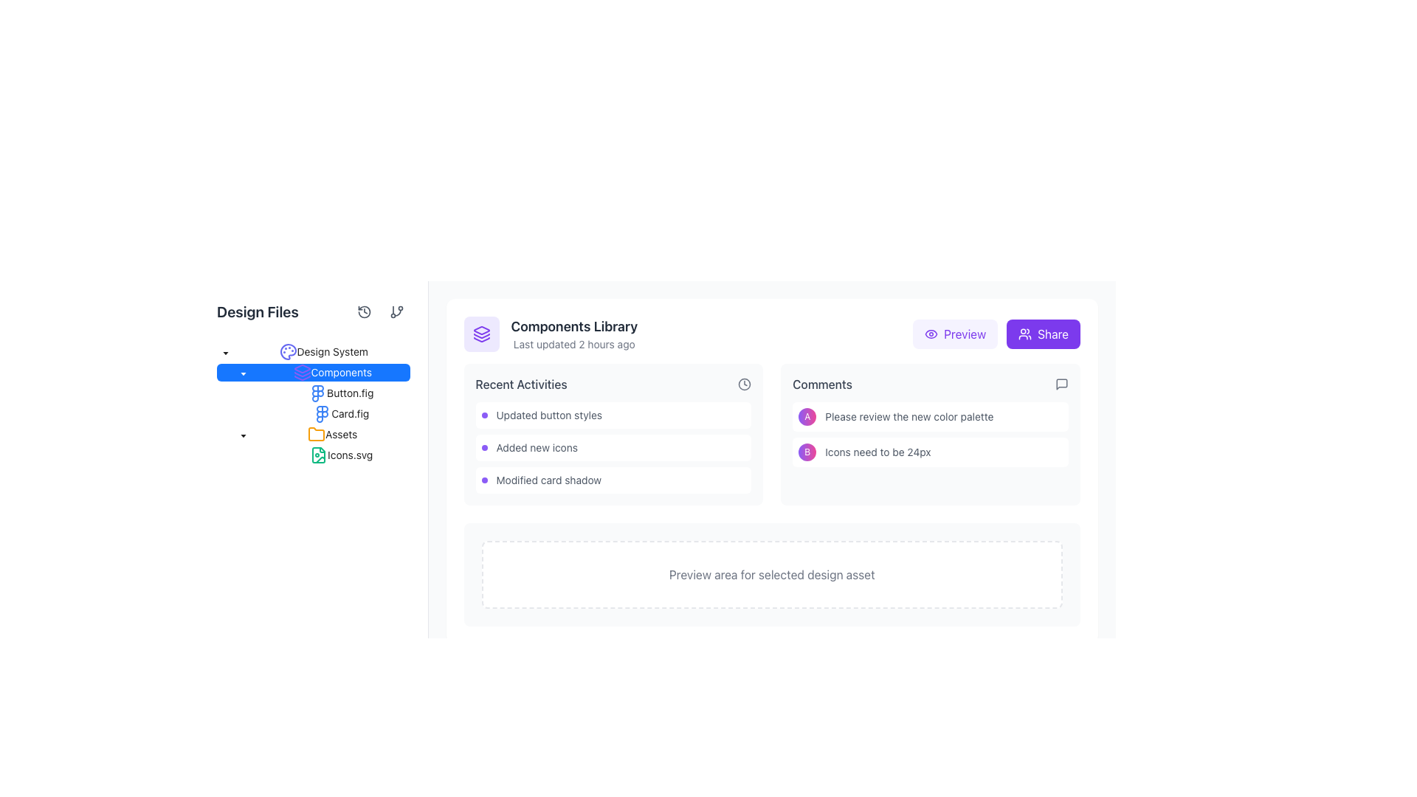 Image resolution: width=1417 pixels, height=797 pixels. I want to click on the 'Icons.svg' icon from the Assets section of the Components folder, so click(318, 455).